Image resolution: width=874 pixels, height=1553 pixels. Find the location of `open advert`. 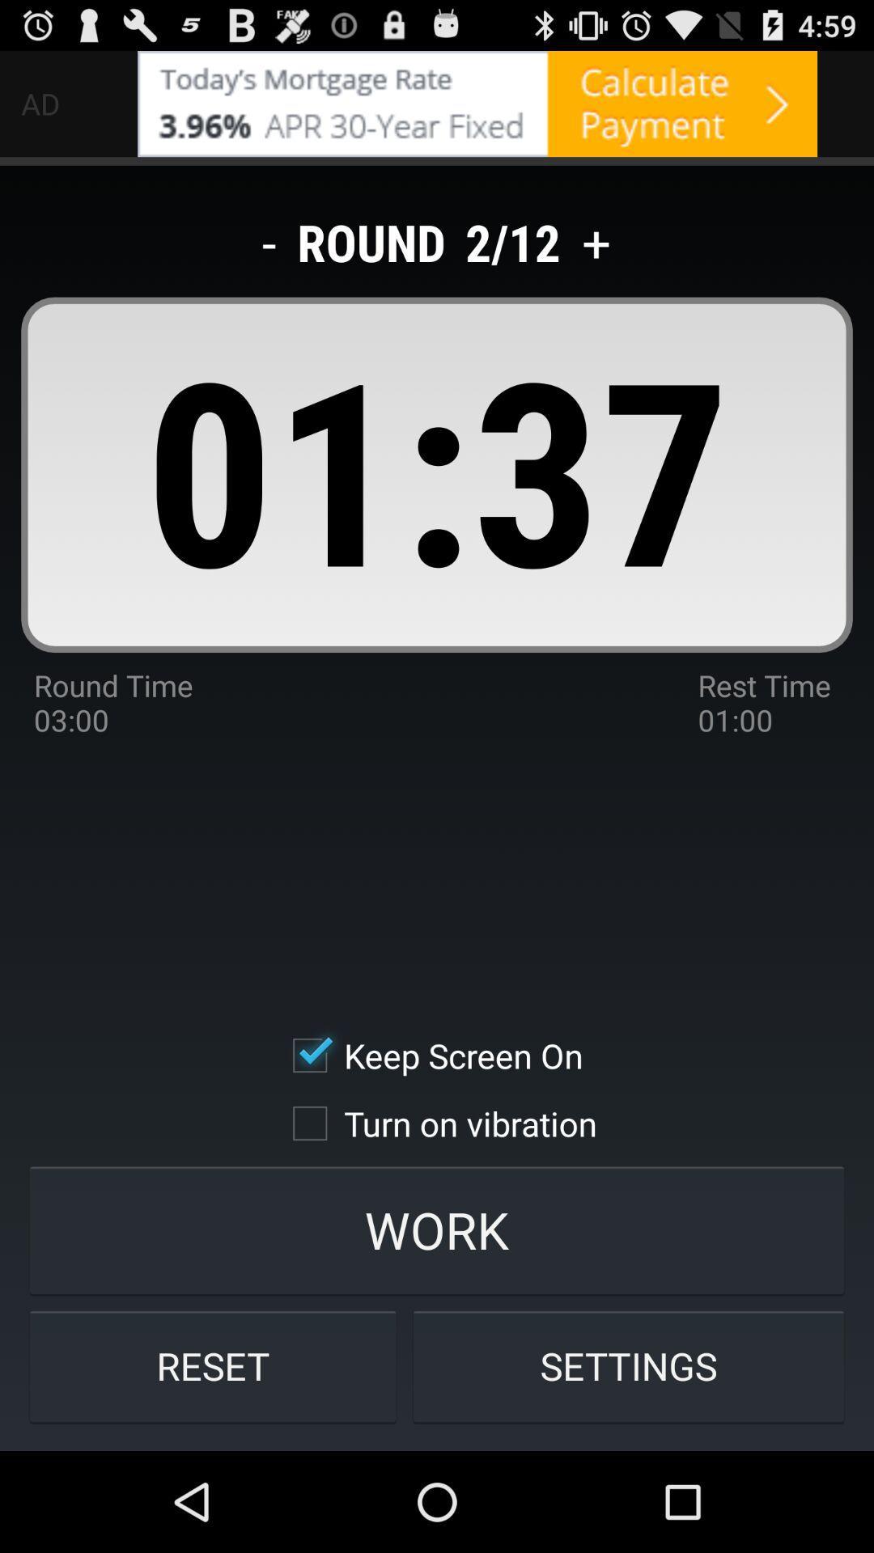

open advert is located at coordinates (477, 103).